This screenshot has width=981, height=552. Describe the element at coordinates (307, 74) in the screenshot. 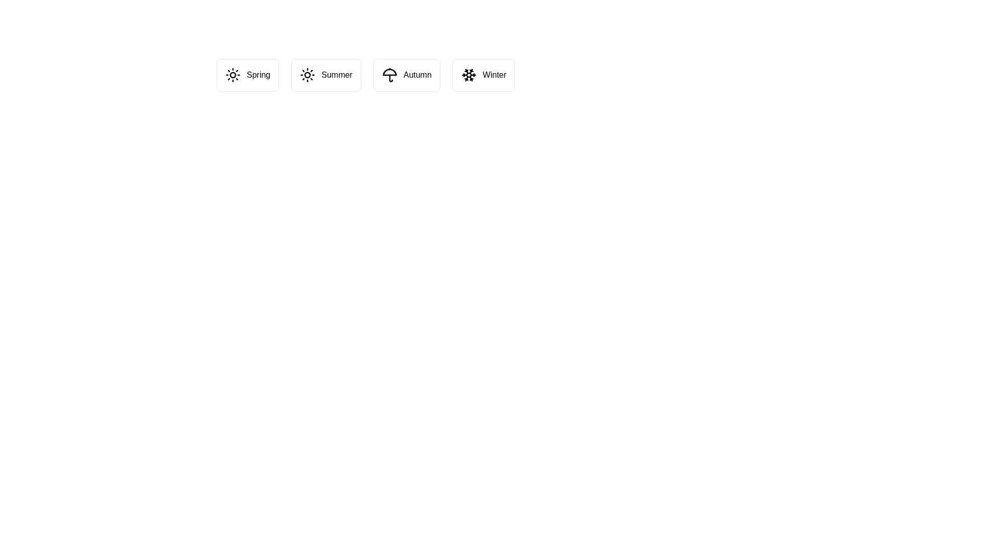

I see `the decorative icon representing the season 'Summer'` at that location.